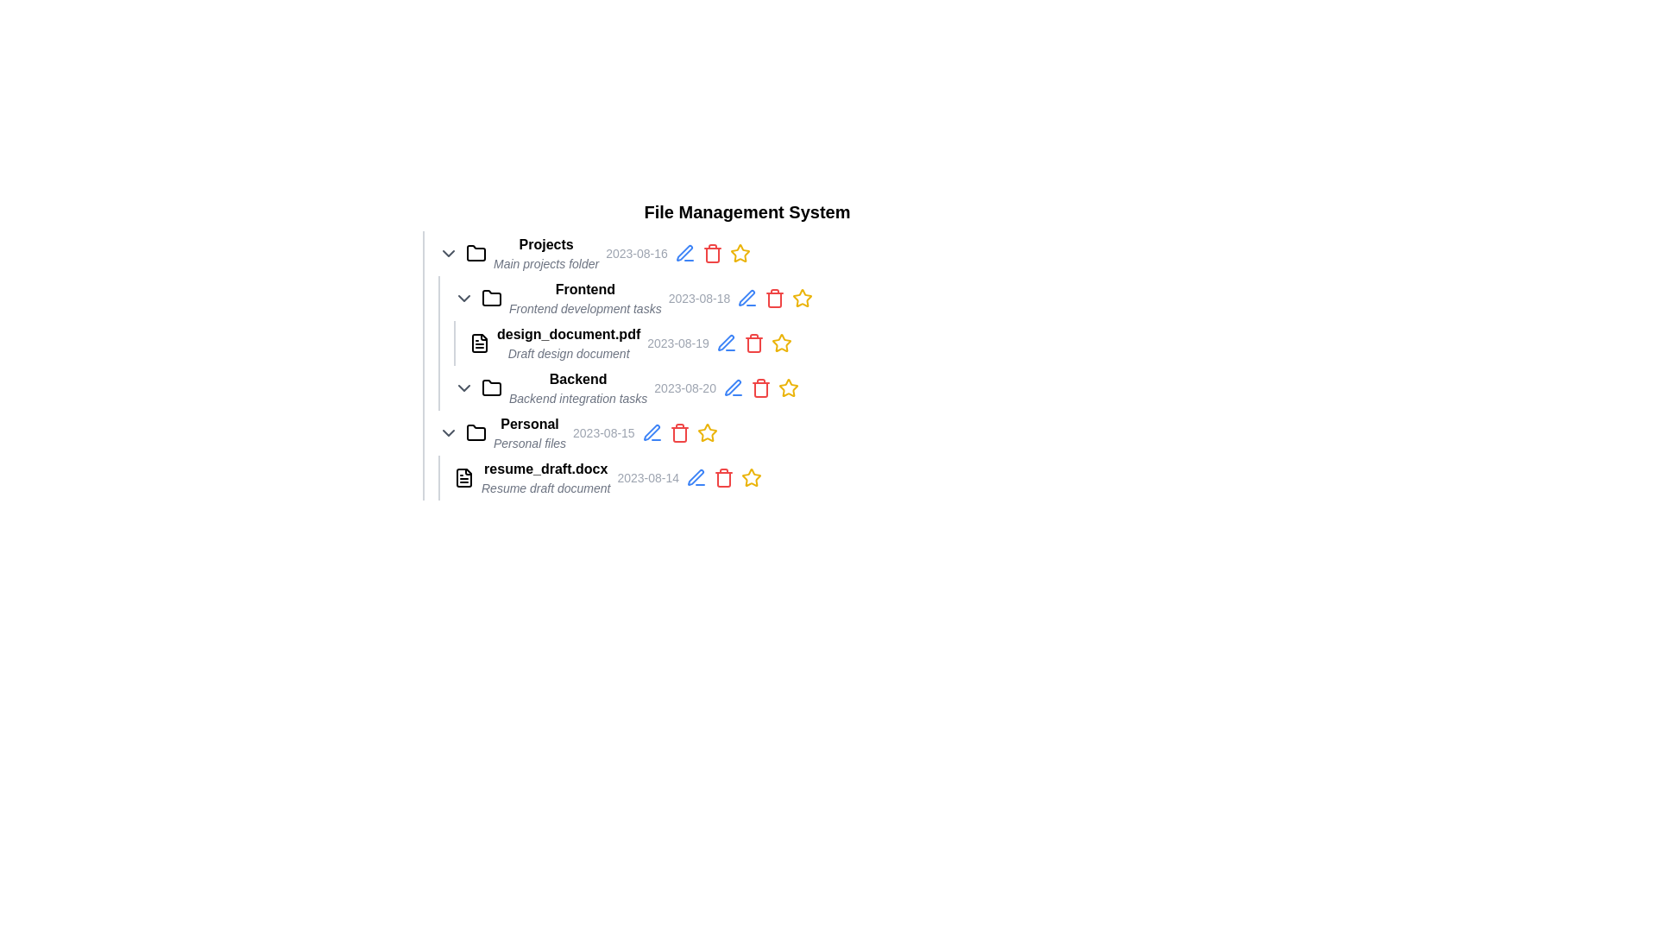  Describe the element at coordinates (802, 297) in the screenshot. I see `the yellow outlined star icon to favorite or unfavorite the associated item in the 'File Management System' interface` at that location.